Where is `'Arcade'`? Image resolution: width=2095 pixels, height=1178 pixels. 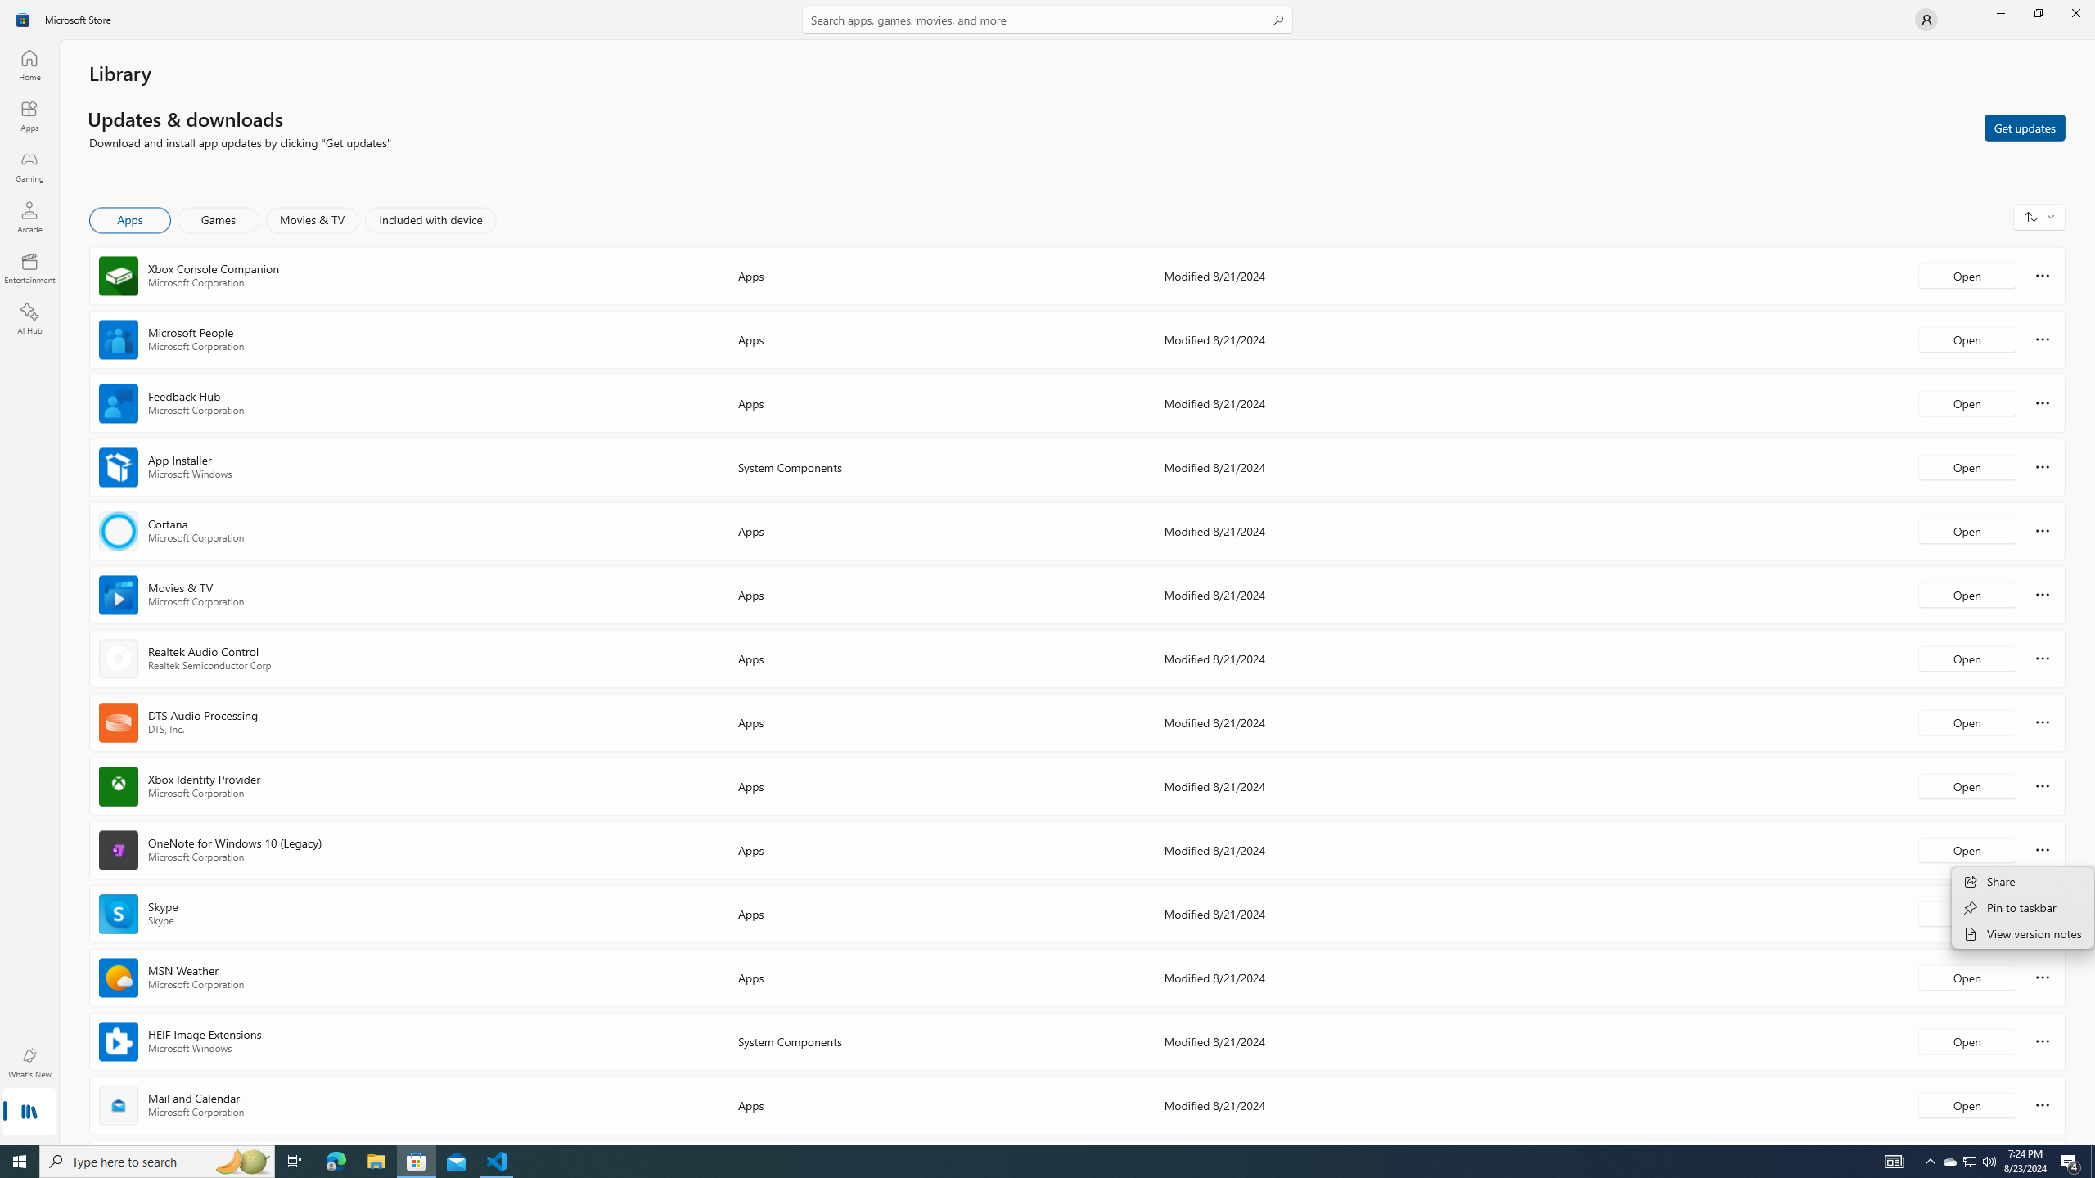
'Arcade' is located at coordinates (28, 216).